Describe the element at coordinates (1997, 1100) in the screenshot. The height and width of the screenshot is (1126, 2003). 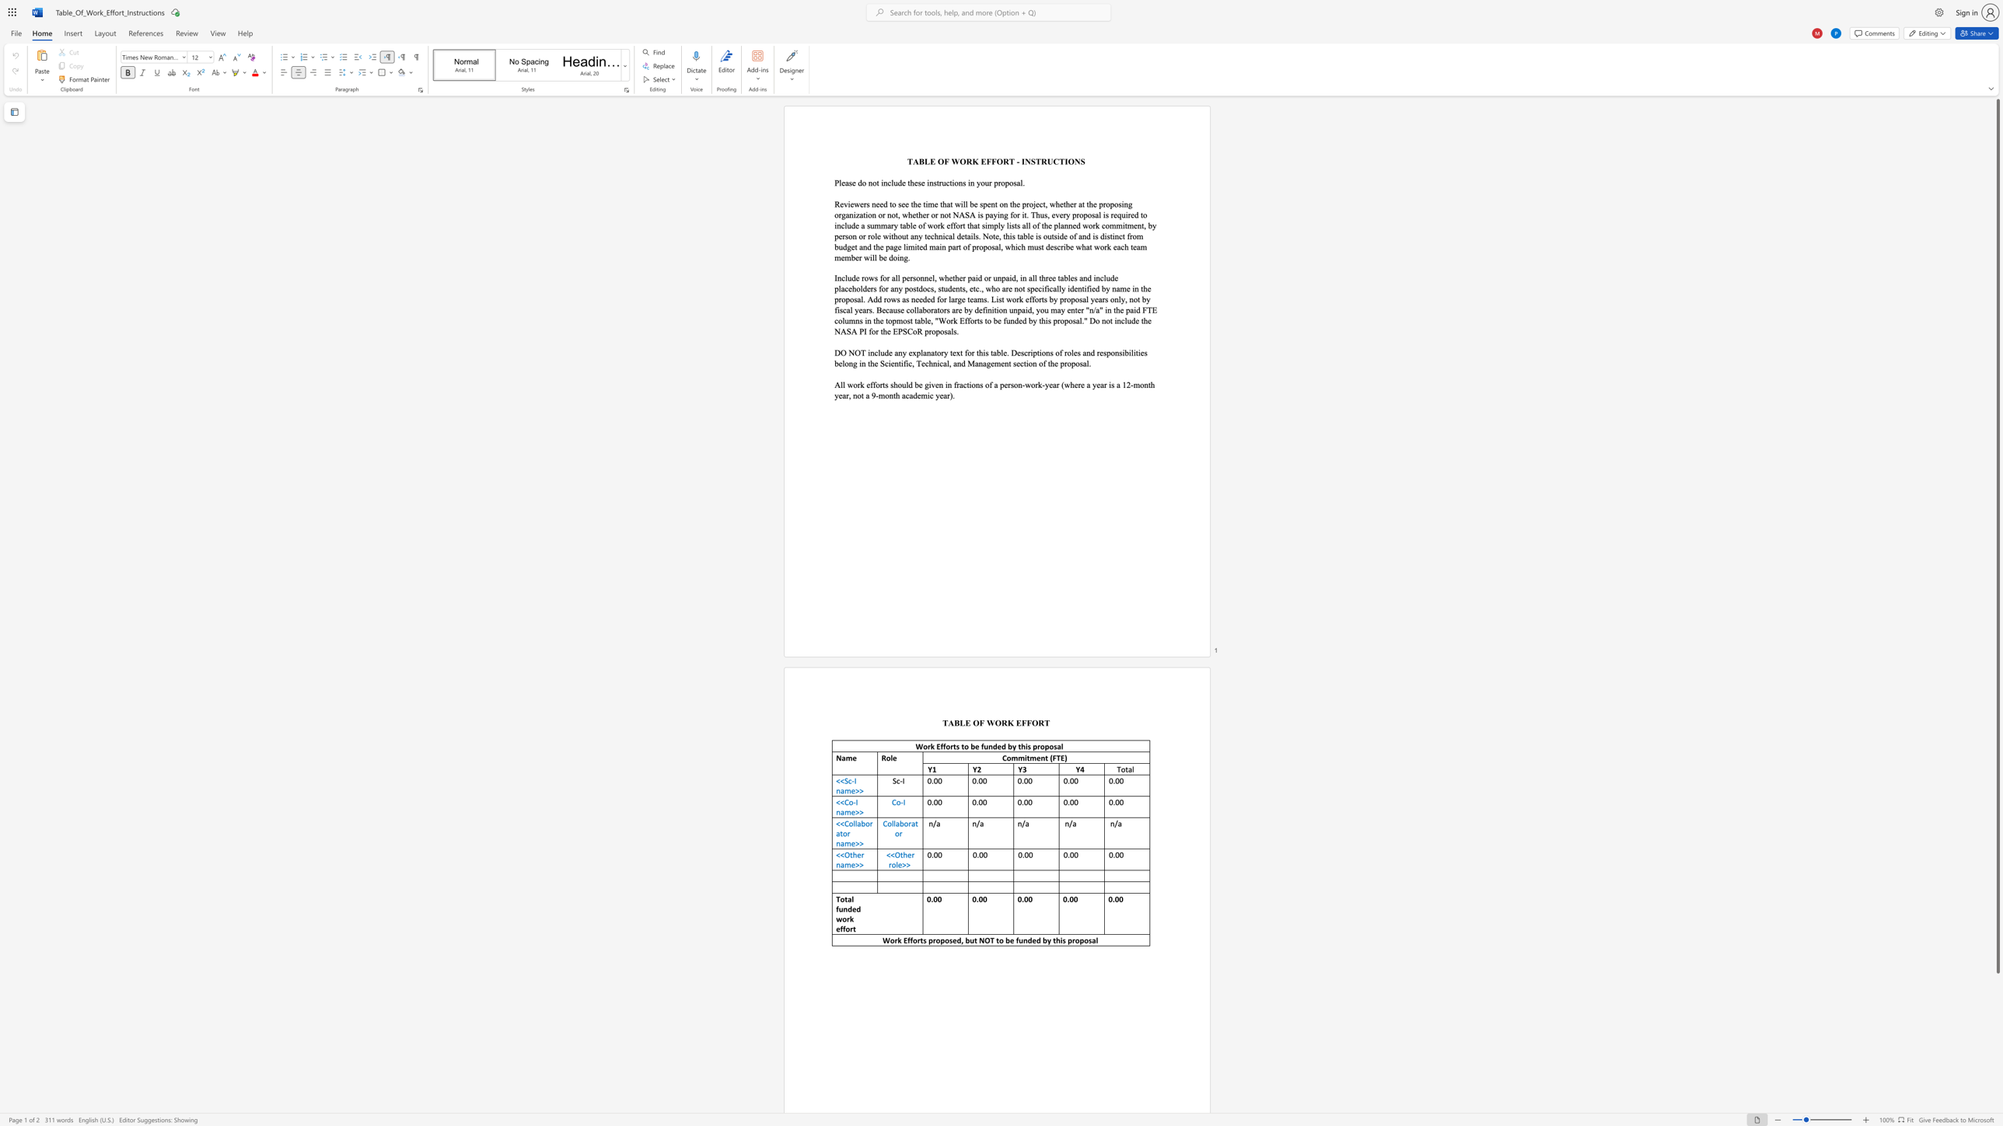
I see `the scrollbar to move the content lower` at that location.